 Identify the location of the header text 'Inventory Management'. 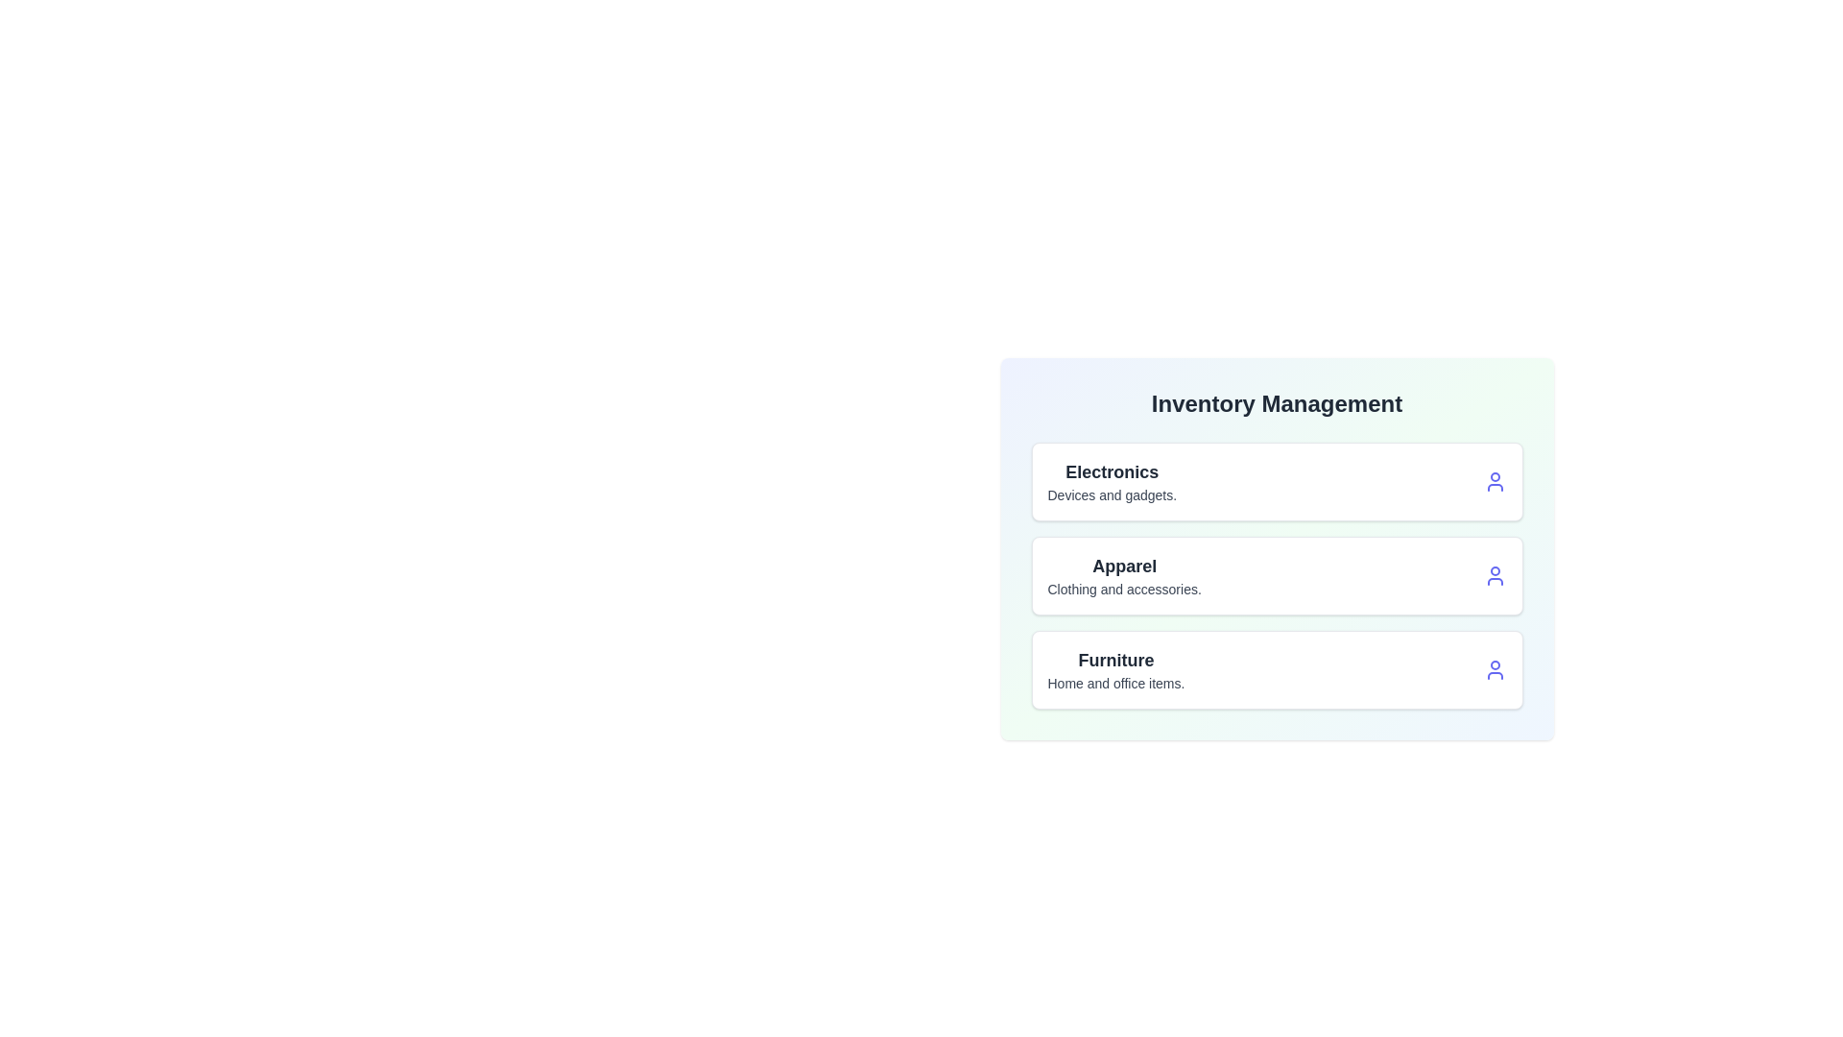
(1277, 402).